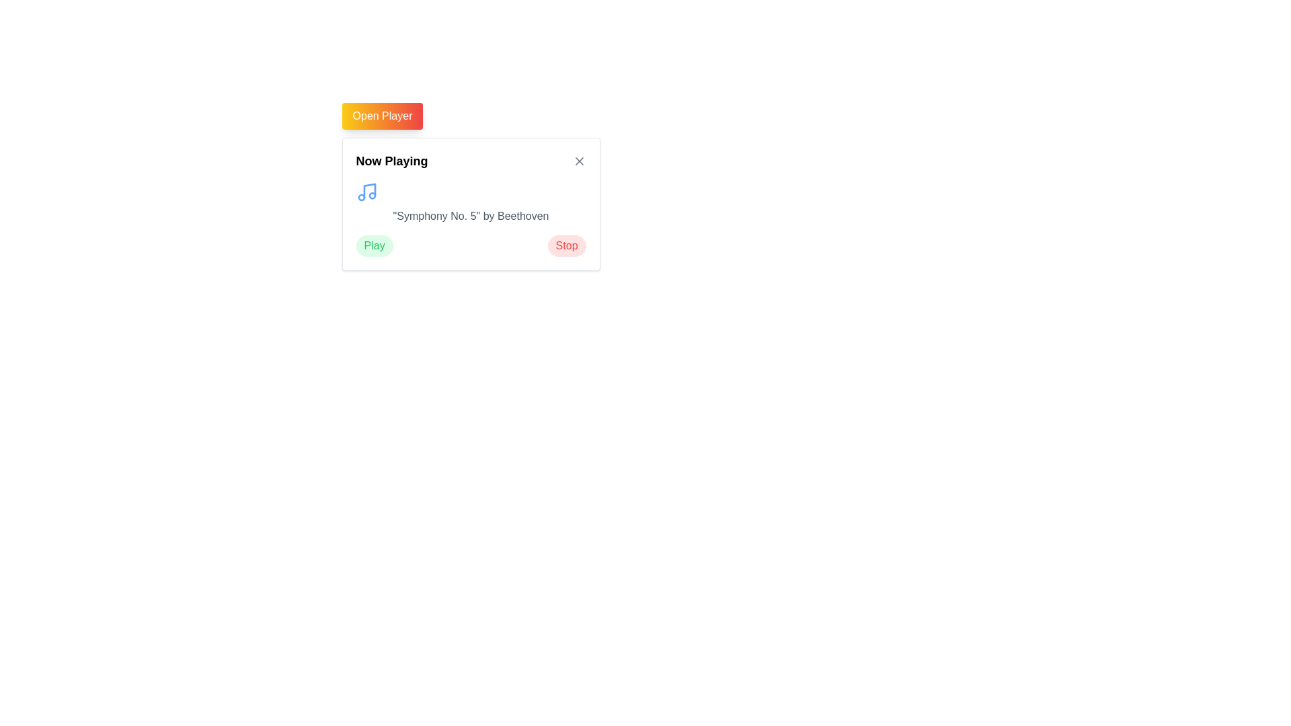  What do you see at coordinates (579, 160) in the screenshot?
I see `the diagonal cross (X) icon located in the top-right corner of the 'Now Playing' card` at bounding box center [579, 160].